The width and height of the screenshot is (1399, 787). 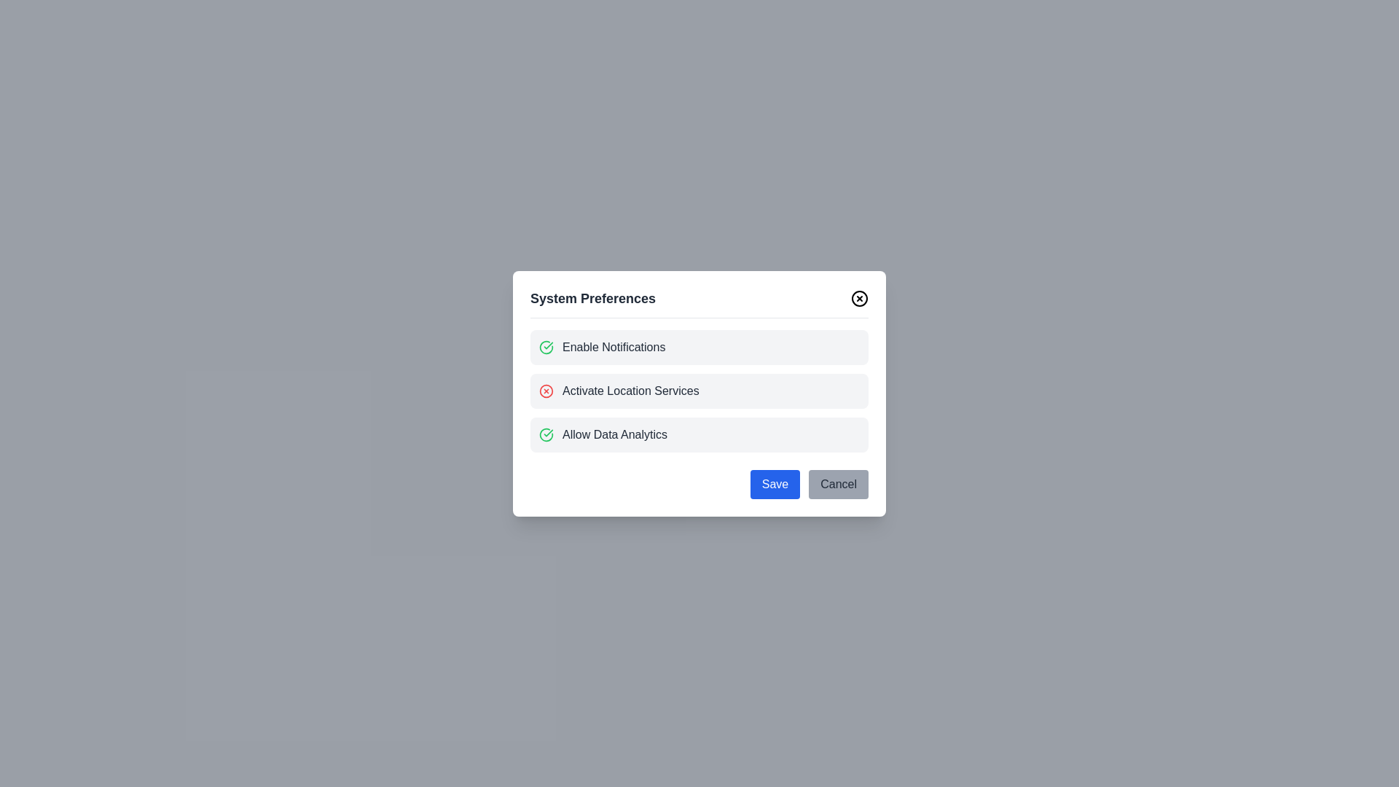 What do you see at coordinates (774, 484) in the screenshot?
I see `'Save' button to confirm changes` at bounding box center [774, 484].